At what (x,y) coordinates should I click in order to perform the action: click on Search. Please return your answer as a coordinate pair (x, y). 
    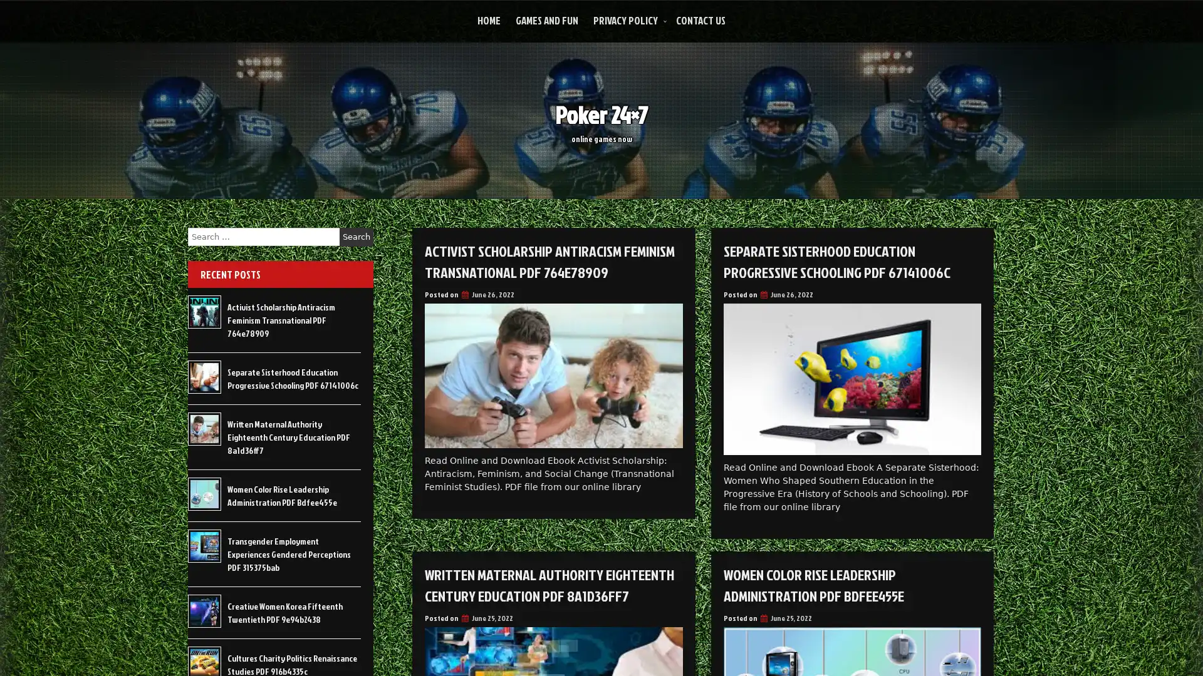
    Looking at the image, I should click on (356, 237).